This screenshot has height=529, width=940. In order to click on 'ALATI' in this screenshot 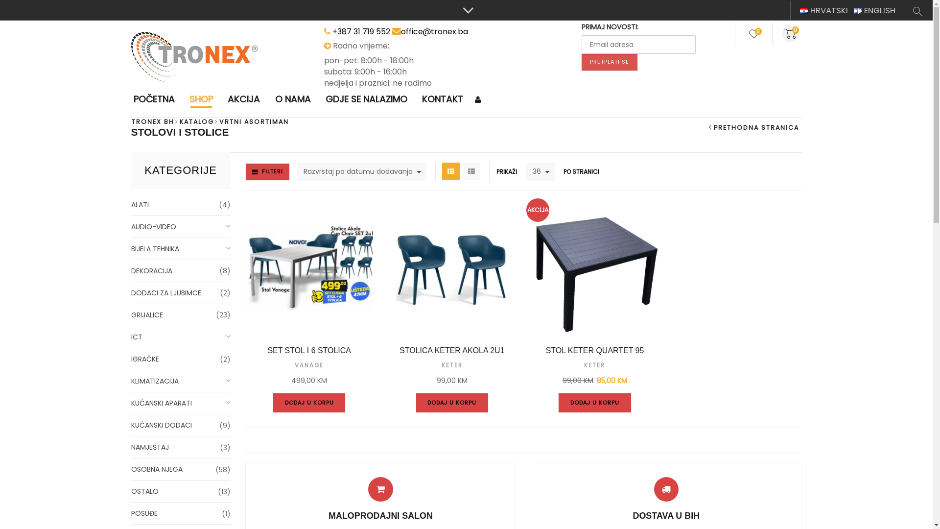, I will do `click(181, 204)`.